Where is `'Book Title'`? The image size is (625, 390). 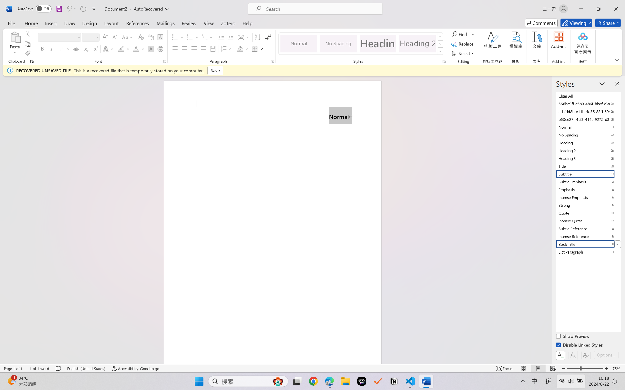
'Book Title' is located at coordinates (588, 244).